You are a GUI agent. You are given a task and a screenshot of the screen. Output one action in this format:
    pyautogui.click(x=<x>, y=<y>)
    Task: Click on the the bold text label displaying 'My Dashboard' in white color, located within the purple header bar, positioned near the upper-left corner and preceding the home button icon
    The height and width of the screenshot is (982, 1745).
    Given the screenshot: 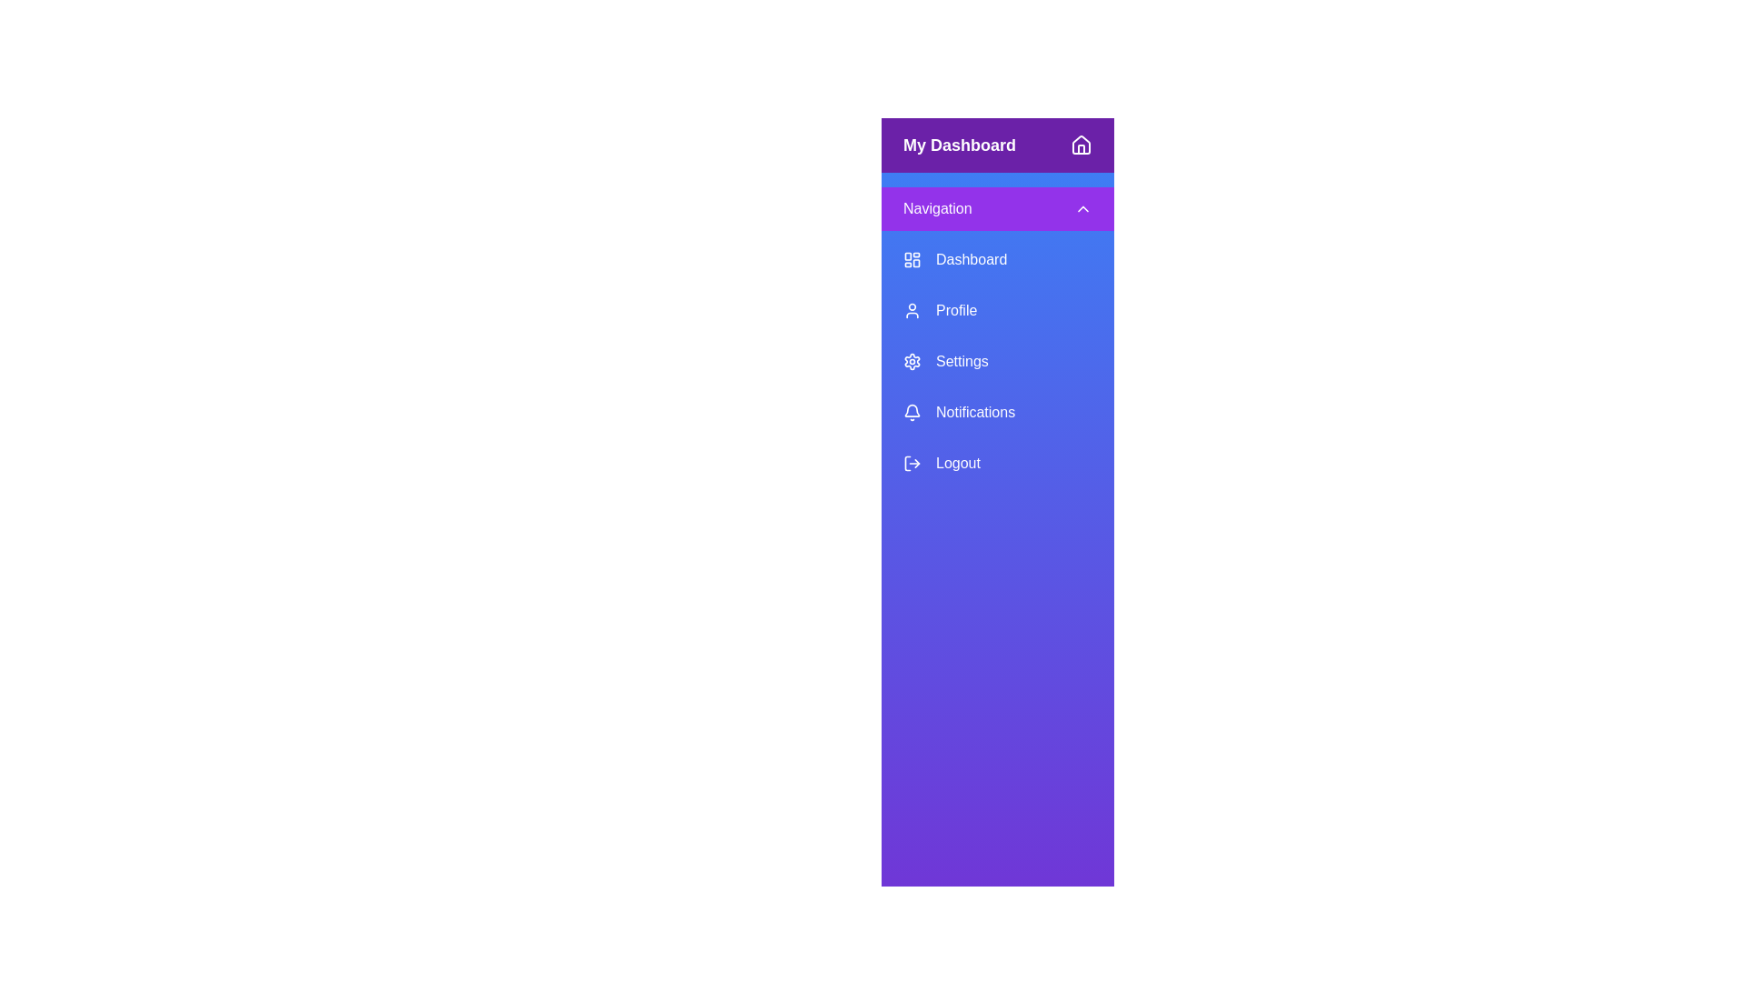 What is the action you would take?
    pyautogui.click(x=959, y=144)
    